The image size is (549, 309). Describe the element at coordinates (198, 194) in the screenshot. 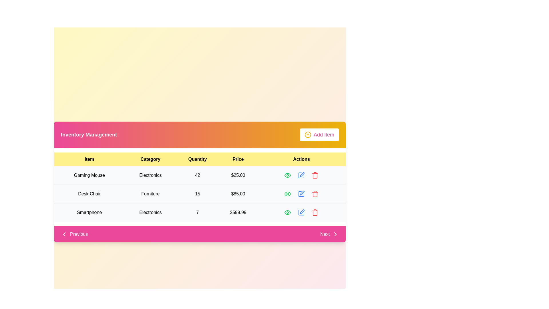

I see `the text element representing the quantity of the 'Desk Chair' item, located in the third column of the second row of the inventory table` at that location.